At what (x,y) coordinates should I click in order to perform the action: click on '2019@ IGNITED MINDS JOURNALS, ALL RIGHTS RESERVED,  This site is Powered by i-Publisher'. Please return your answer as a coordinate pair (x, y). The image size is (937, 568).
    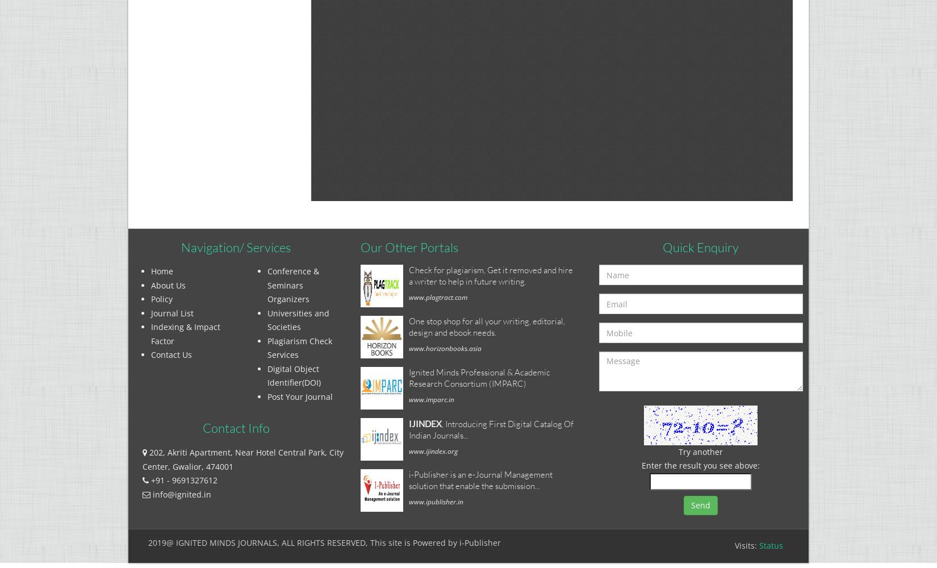
    Looking at the image, I should click on (324, 542).